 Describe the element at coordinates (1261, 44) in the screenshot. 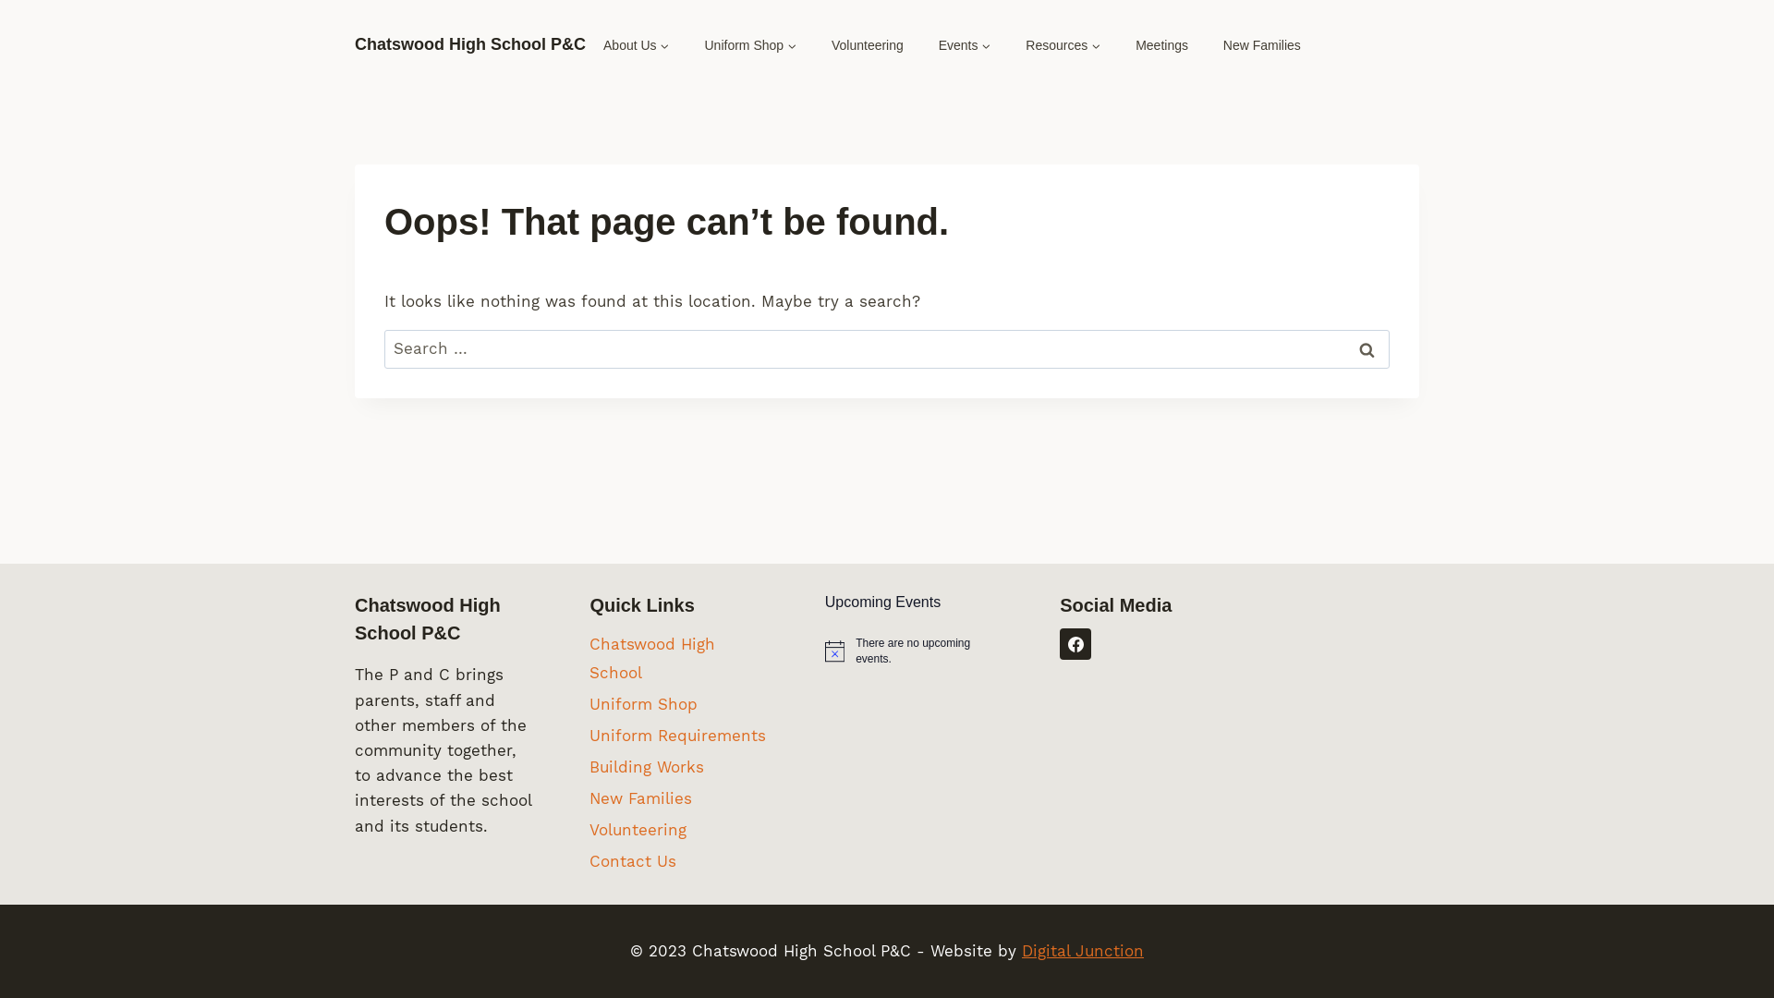

I see `'New Families'` at that location.